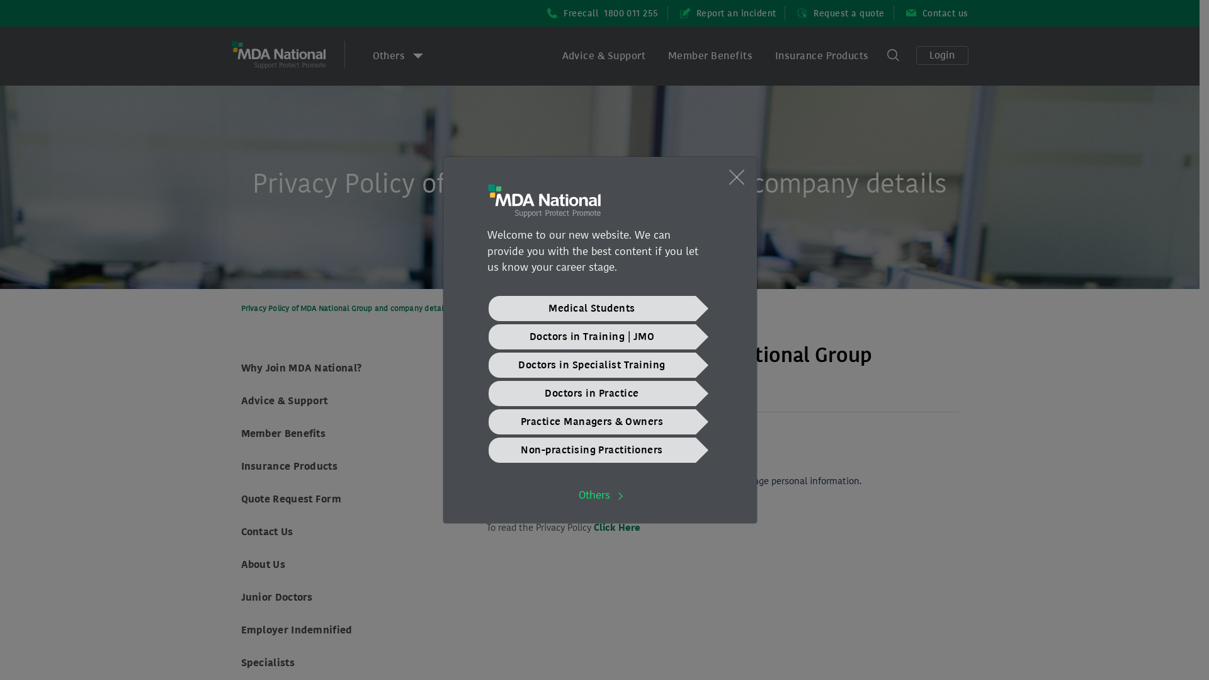 This screenshot has height=680, width=1209. Describe the element at coordinates (834, 13) in the screenshot. I see `'Request a quote'` at that location.